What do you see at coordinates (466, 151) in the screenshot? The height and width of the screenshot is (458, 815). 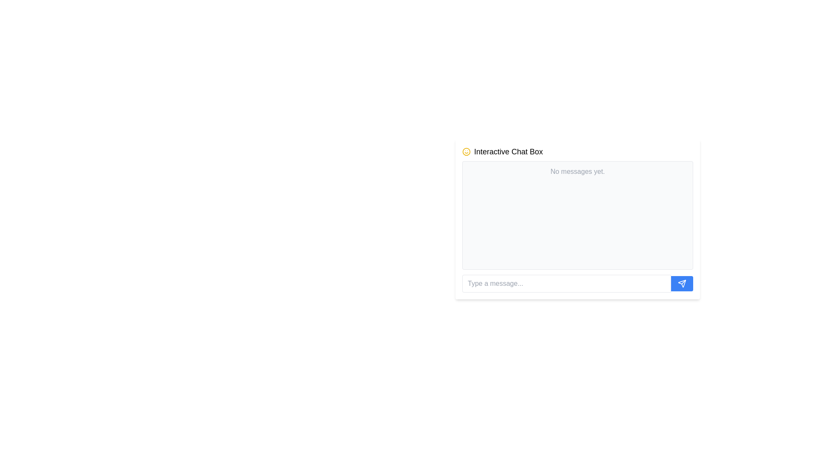 I see `the decorative circular icon located to the left of the 'Interactive Chat Box' label in the chat box header` at bounding box center [466, 151].